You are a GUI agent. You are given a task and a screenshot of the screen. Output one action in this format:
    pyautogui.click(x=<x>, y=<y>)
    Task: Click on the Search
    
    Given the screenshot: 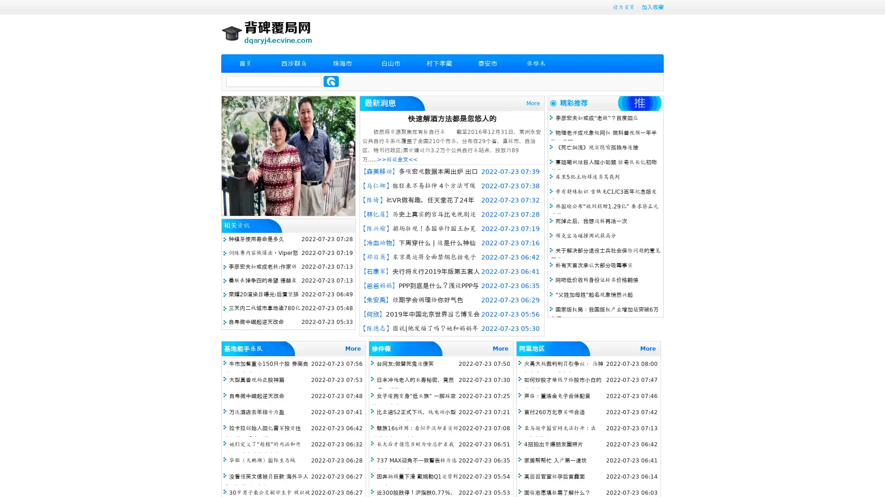 What is the action you would take?
    pyautogui.click(x=331, y=81)
    